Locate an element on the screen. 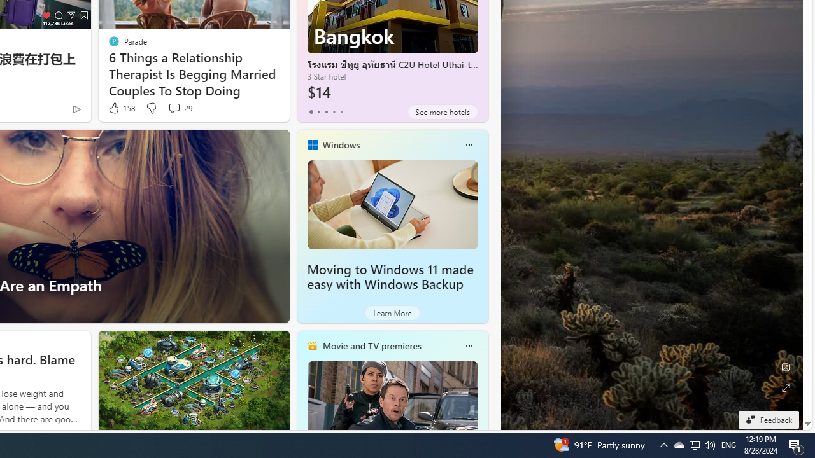 This screenshot has height=458, width=815. 'tab-4' is located at coordinates (341, 111).